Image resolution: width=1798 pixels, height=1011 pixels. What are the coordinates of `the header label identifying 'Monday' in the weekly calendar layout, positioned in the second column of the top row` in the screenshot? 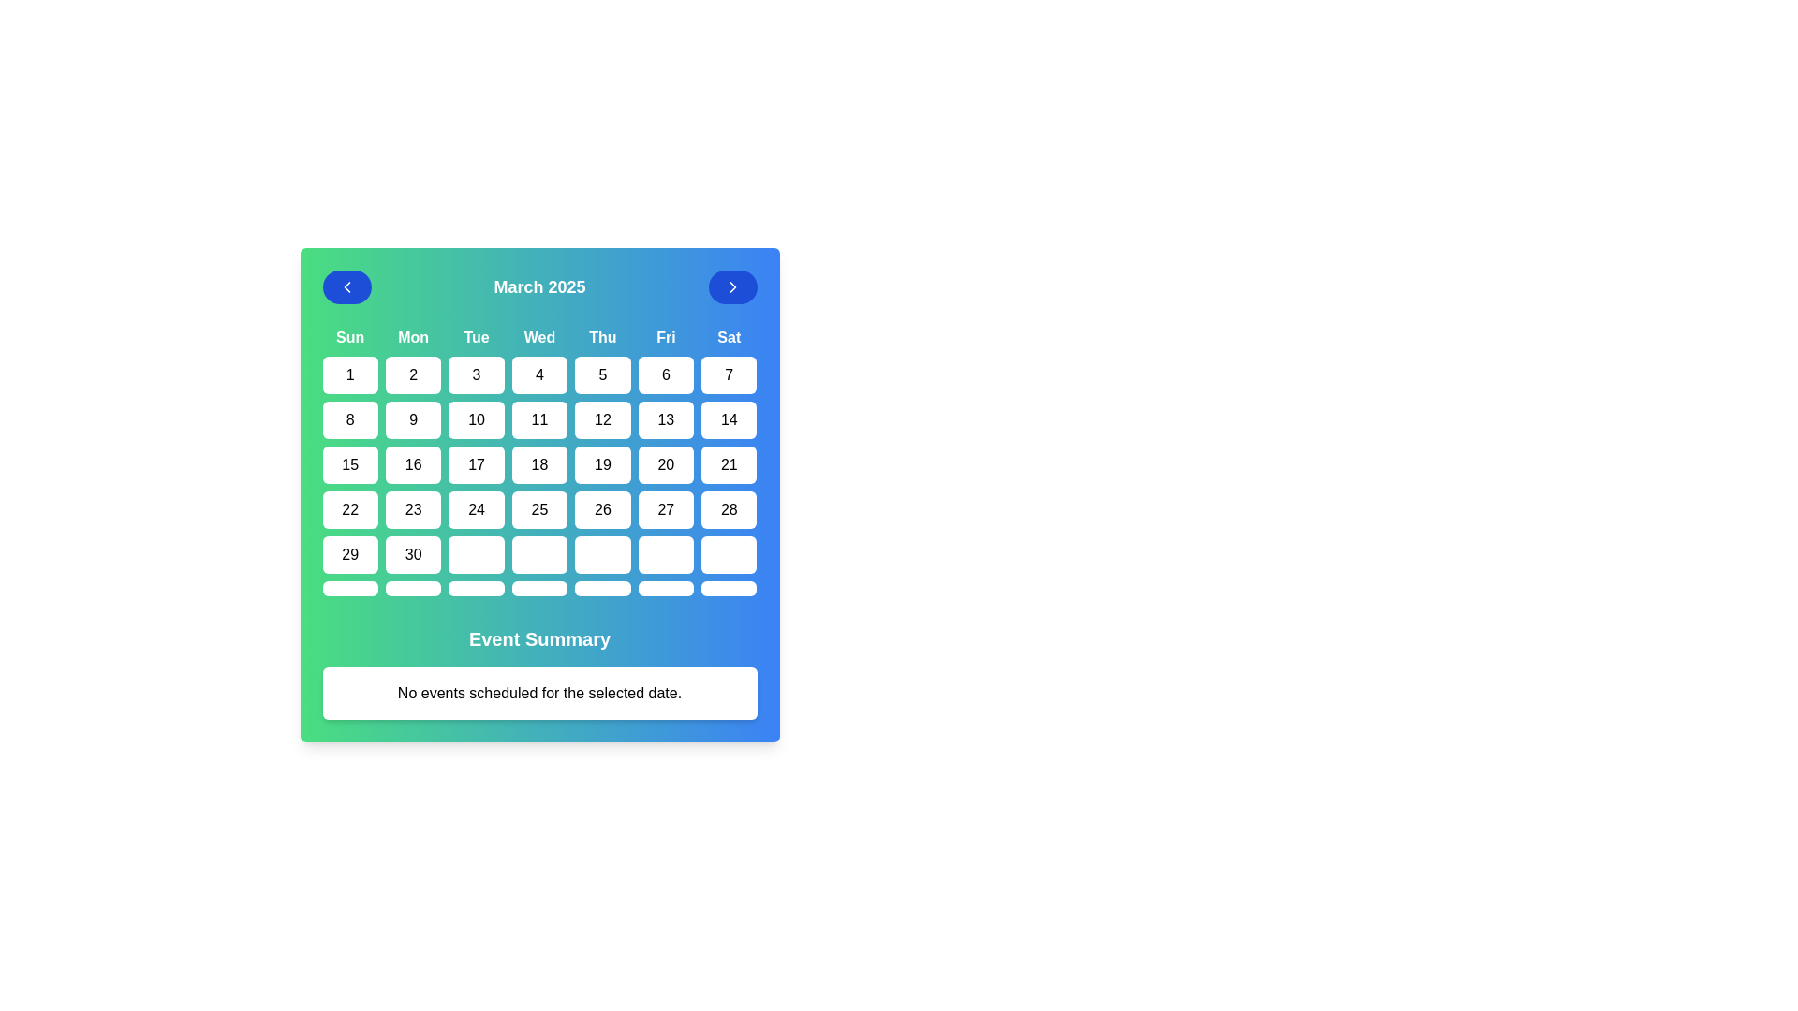 It's located at (412, 338).